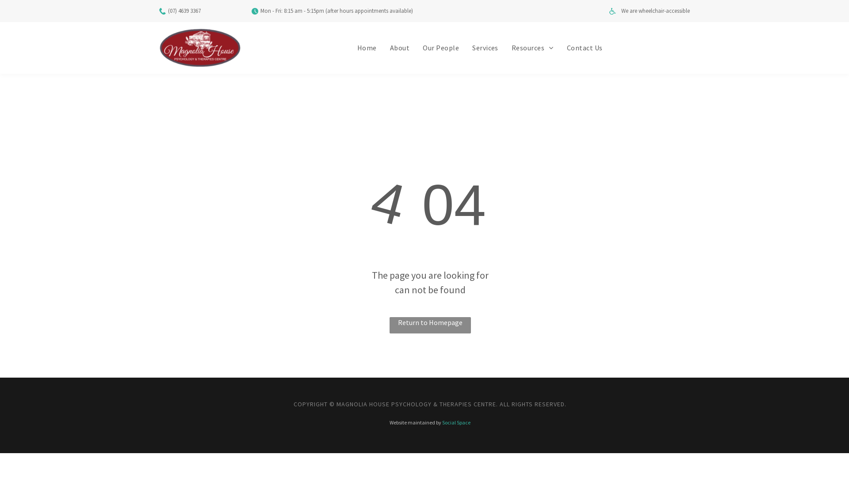 The height and width of the screenshot is (477, 849). What do you see at coordinates (441, 48) in the screenshot?
I see `'Our People'` at bounding box center [441, 48].